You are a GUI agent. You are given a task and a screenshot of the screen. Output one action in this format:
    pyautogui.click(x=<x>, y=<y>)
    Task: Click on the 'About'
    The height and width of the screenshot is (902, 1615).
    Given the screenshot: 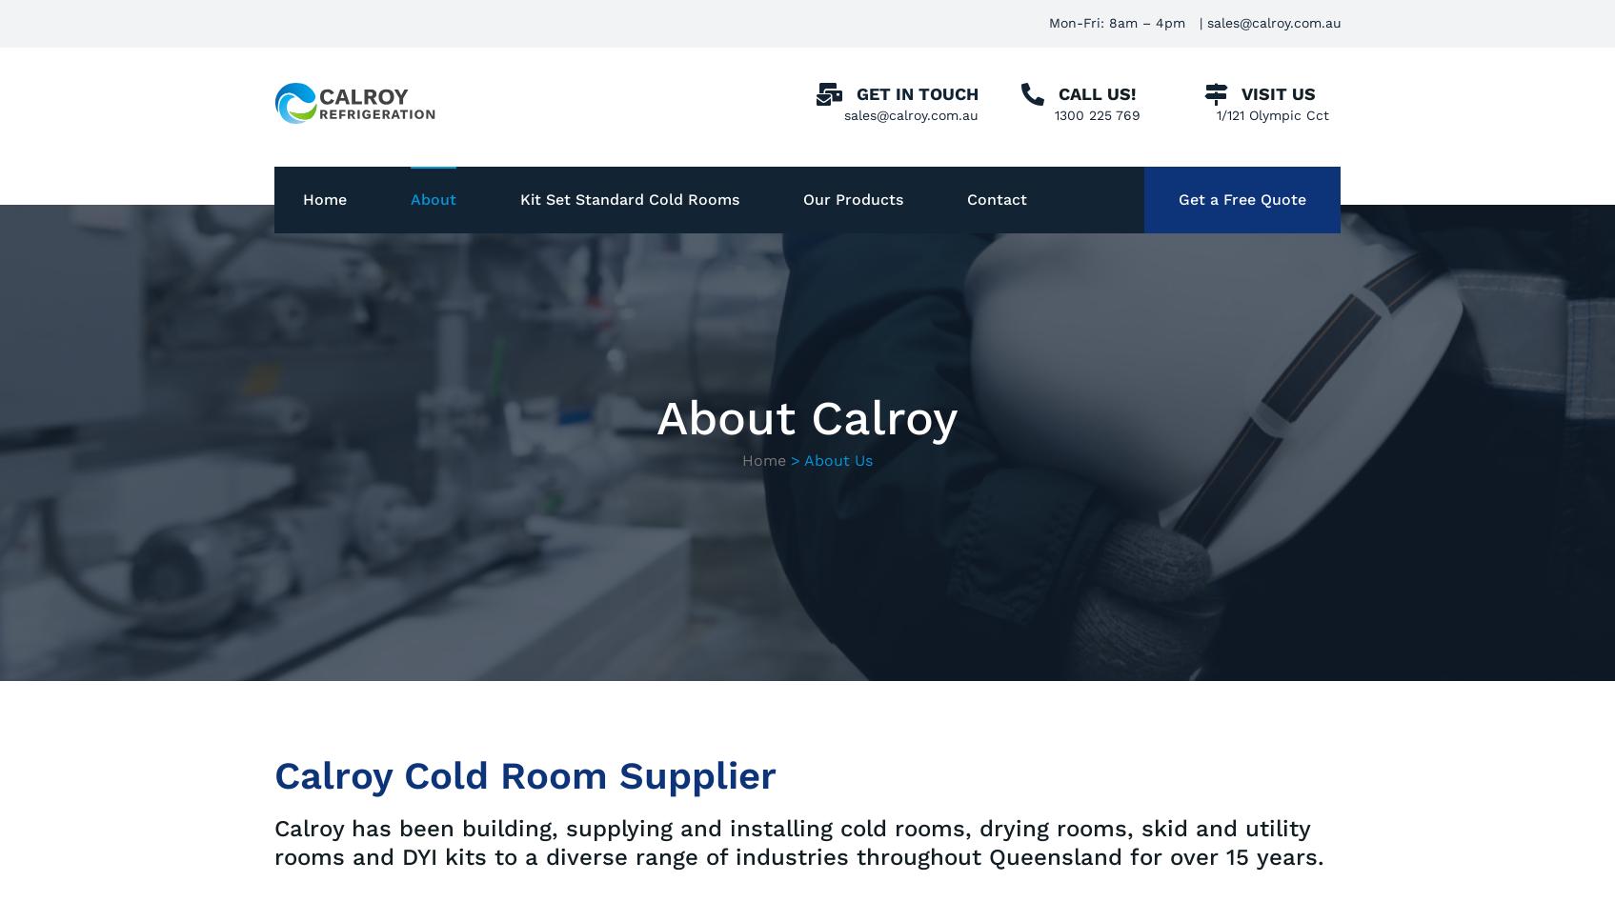 What is the action you would take?
    pyautogui.click(x=432, y=199)
    